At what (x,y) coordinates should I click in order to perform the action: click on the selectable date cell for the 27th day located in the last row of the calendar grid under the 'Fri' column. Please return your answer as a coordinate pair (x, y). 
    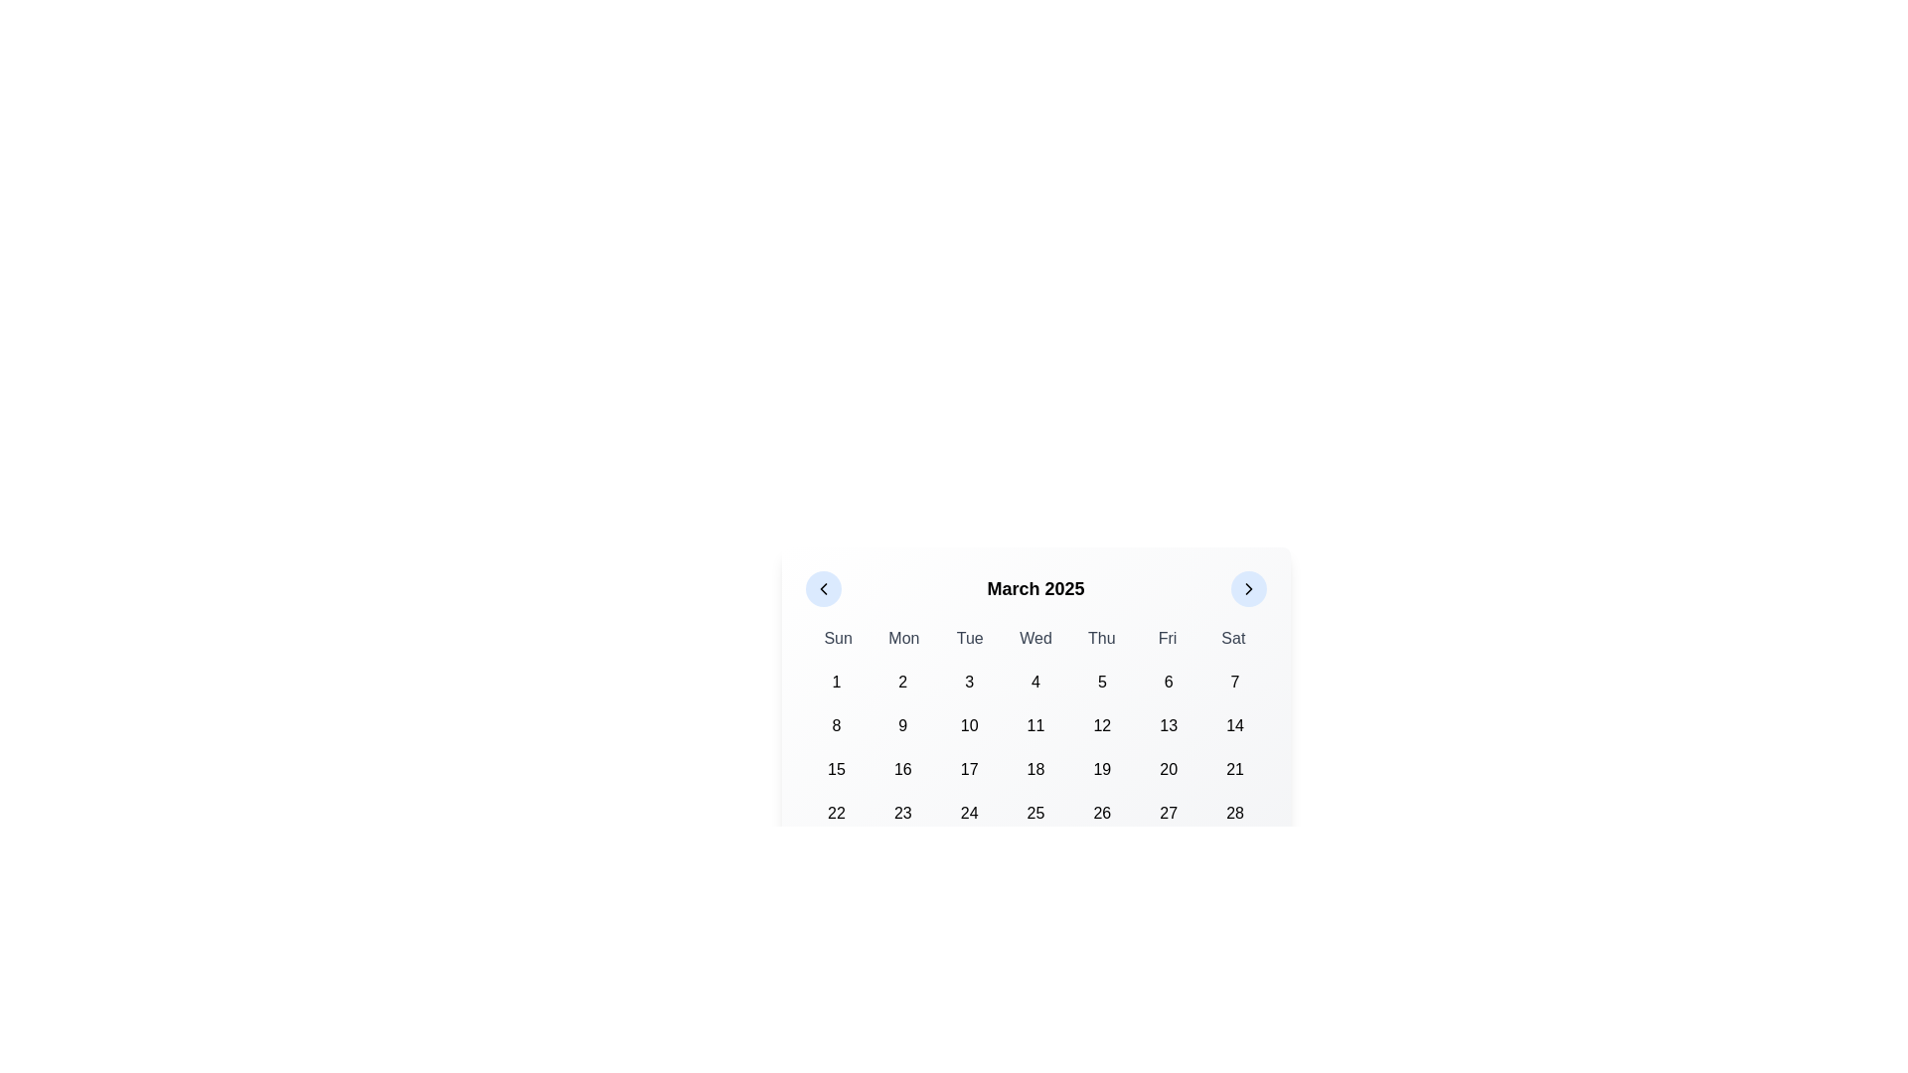
    Looking at the image, I should click on (1169, 813).